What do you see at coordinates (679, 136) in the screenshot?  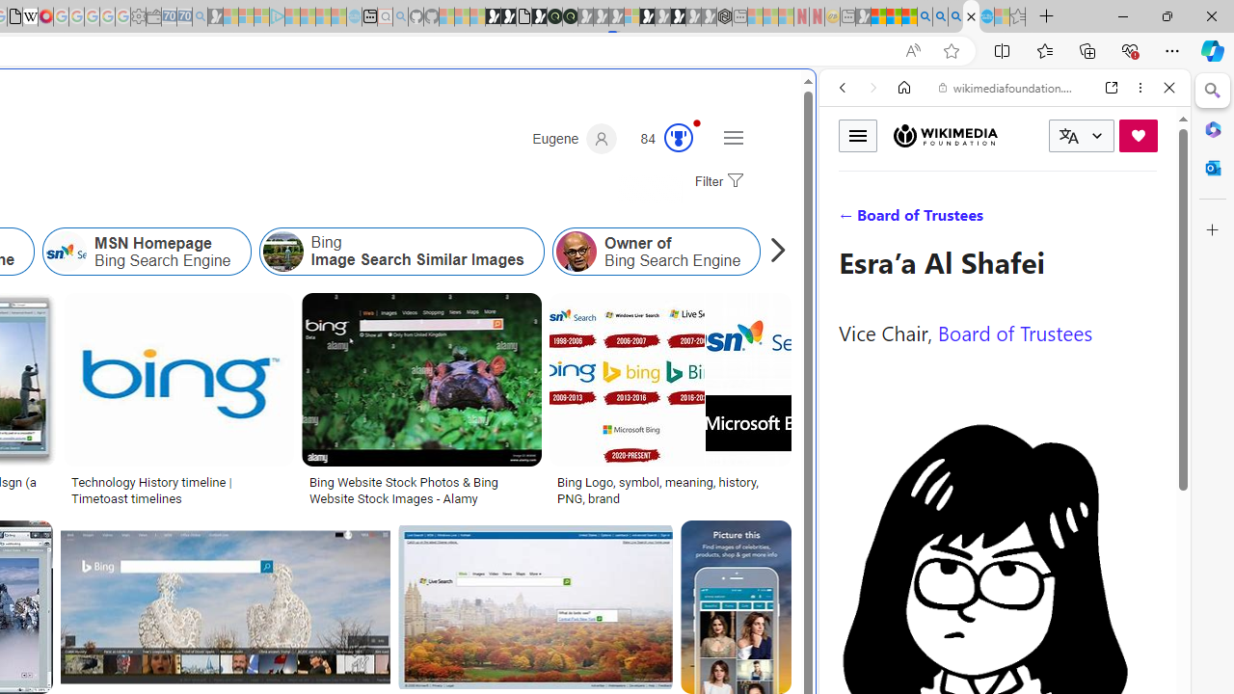 I see `'AutomationID: rh_meter'` at bounding box center [679, 136].